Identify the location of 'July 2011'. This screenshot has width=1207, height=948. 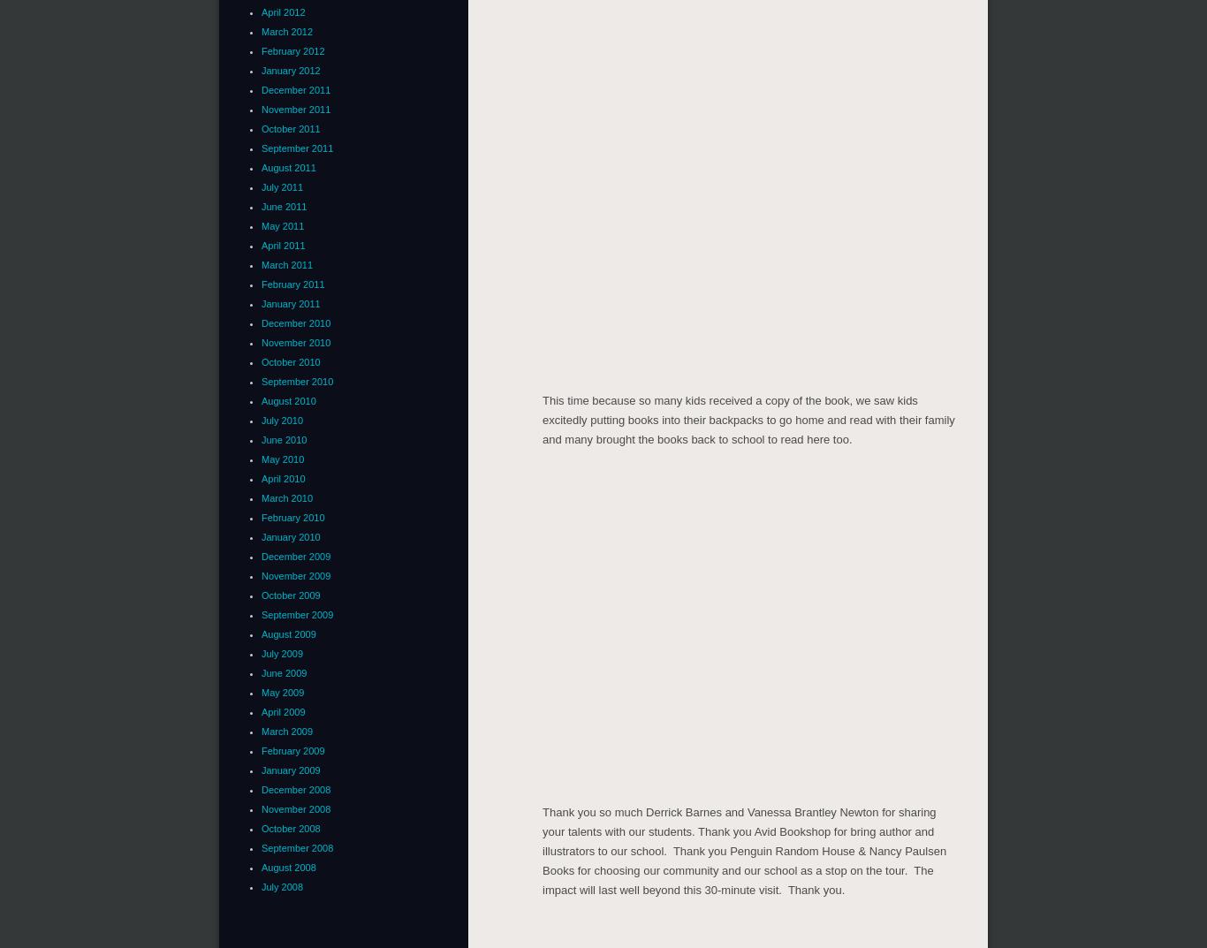
(262, 186).